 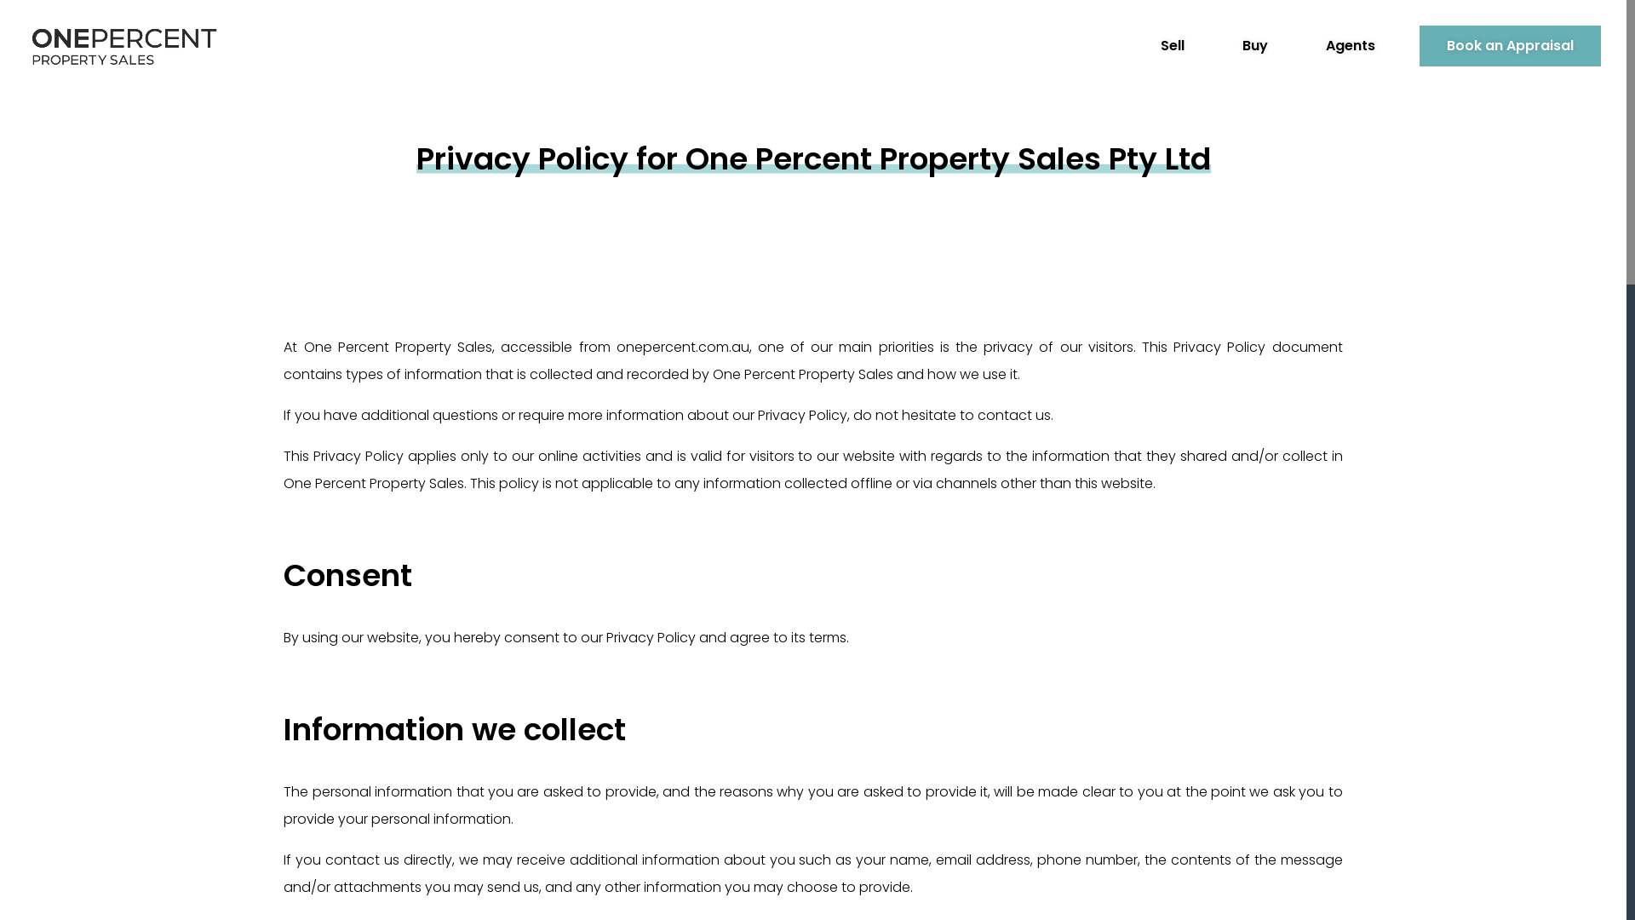 I want to click on 'Agents', so click(x=1298, y=44).